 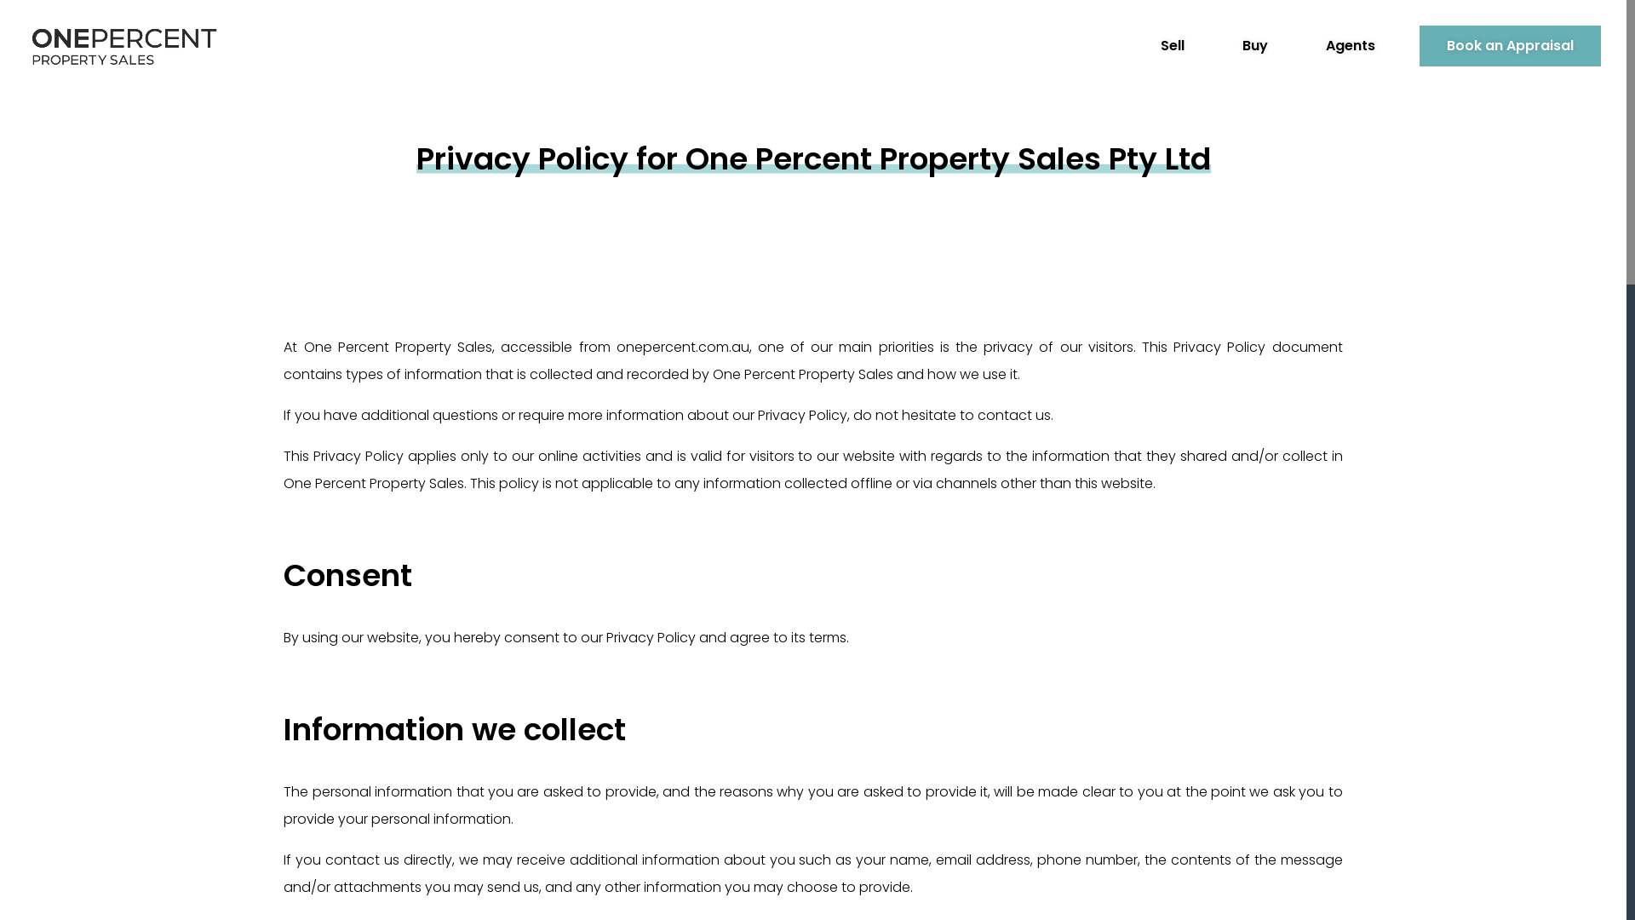 I want to click on 'Agents', so click(x=1298, y=44).